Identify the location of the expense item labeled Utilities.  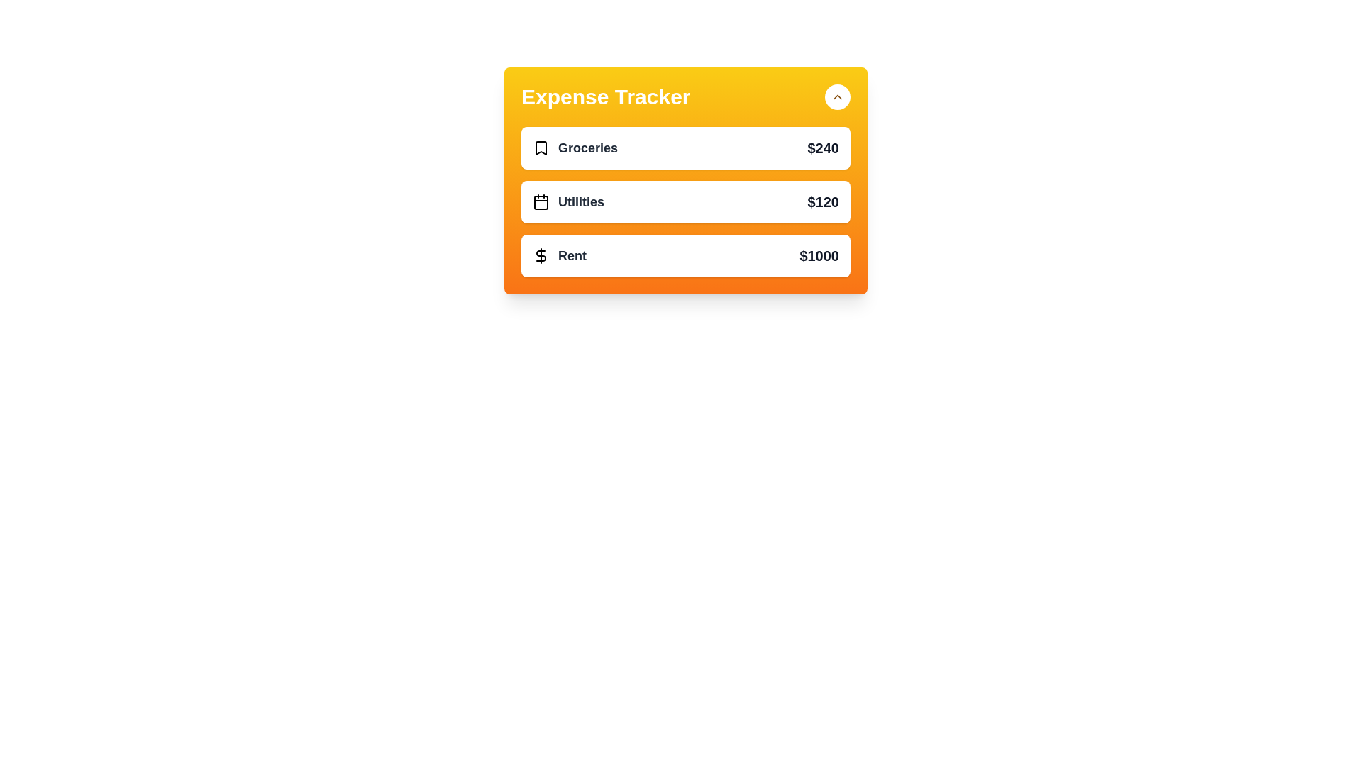
(685, 202).